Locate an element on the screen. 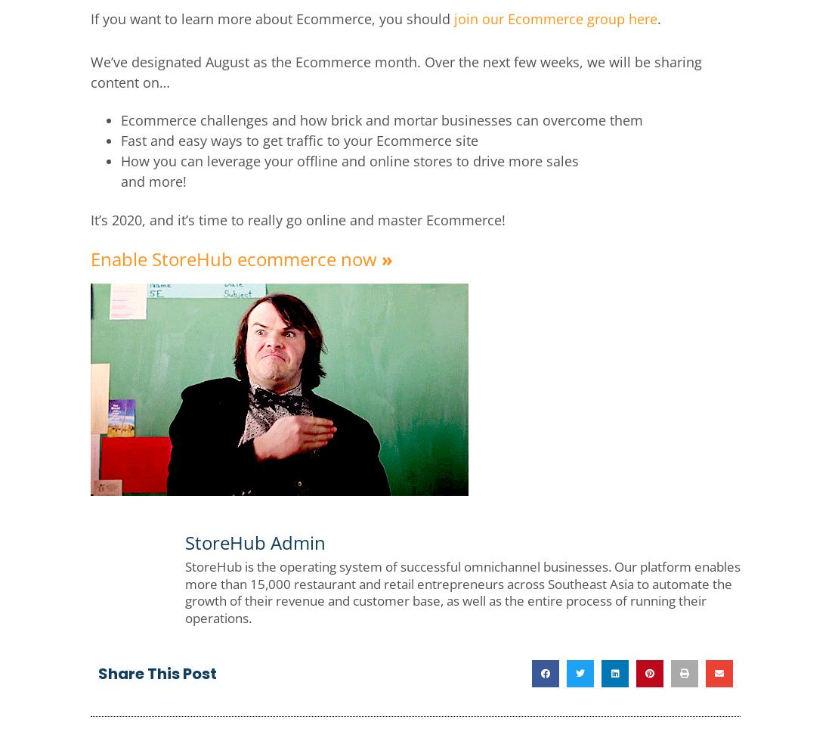 The width and height of the screenshot is (835, 738). 'It’s 2020, and it’s time to really go online and master Ecommerce!' is located at coordinates (298, 219).